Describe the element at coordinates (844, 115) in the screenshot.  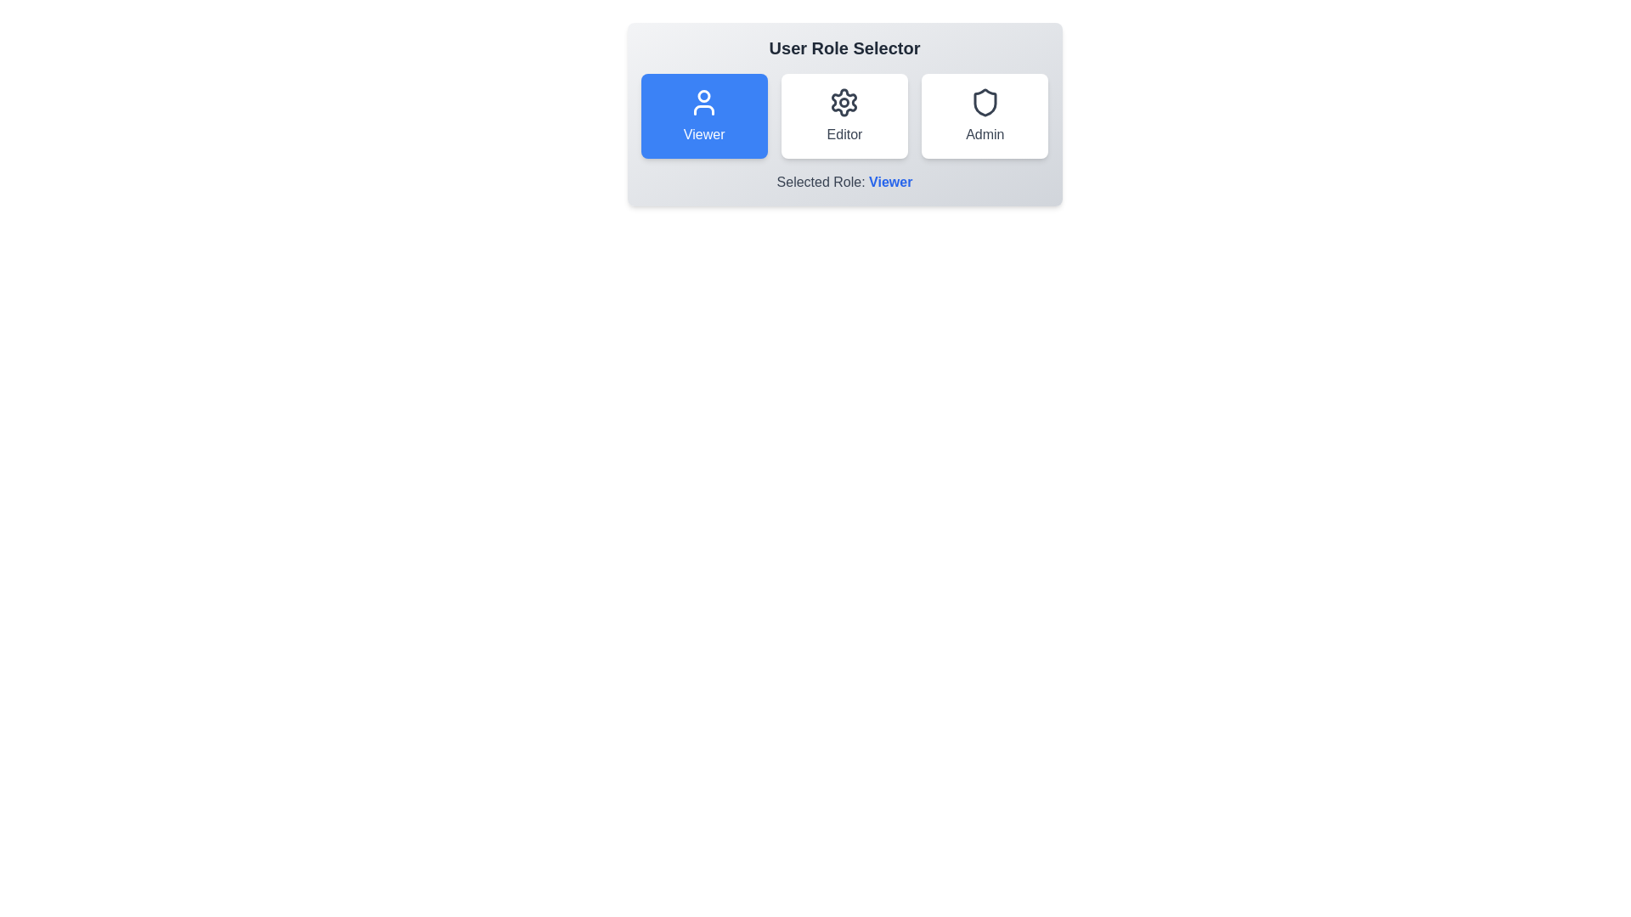
I see `the button labeled Editor to observe its hover effect` at that location.